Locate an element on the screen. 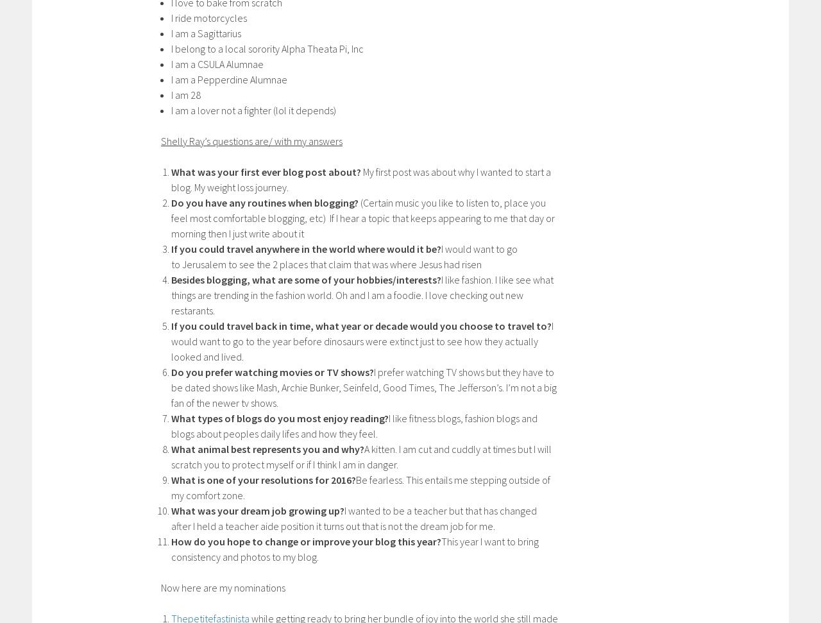  'What is one of your resolutions for 2016?' is located at coordinates (263, 478).